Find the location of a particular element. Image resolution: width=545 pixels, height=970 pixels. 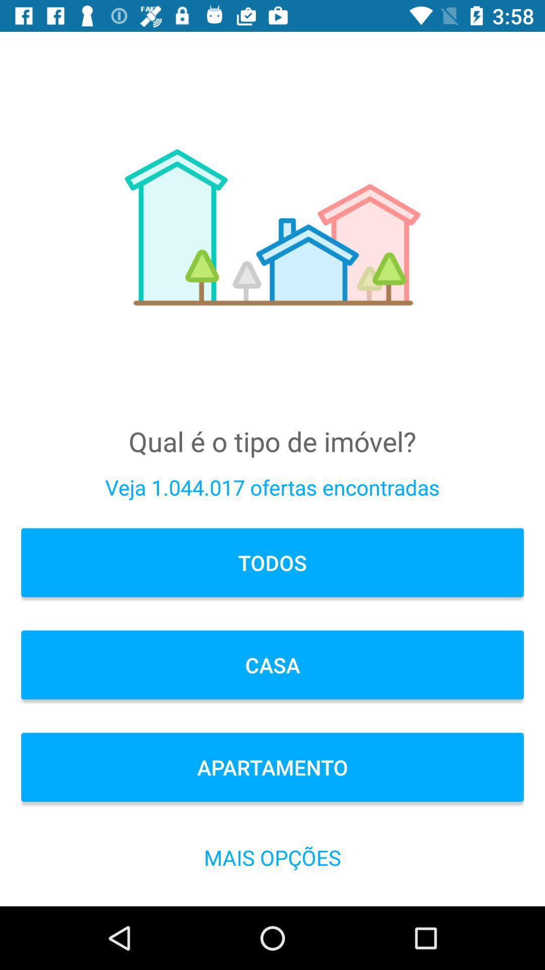

icon below todos is located at coordinates (272, 665).